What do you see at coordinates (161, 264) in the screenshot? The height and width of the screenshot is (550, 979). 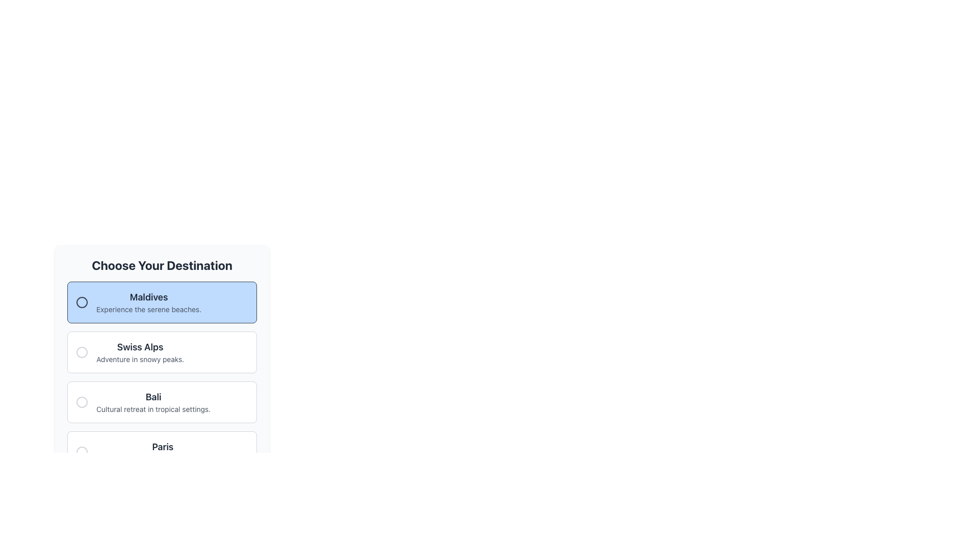 I see `the header label displaying 'Choose Your Destination' located at the top of the destination selection panel` at bounding box center [161, 264].